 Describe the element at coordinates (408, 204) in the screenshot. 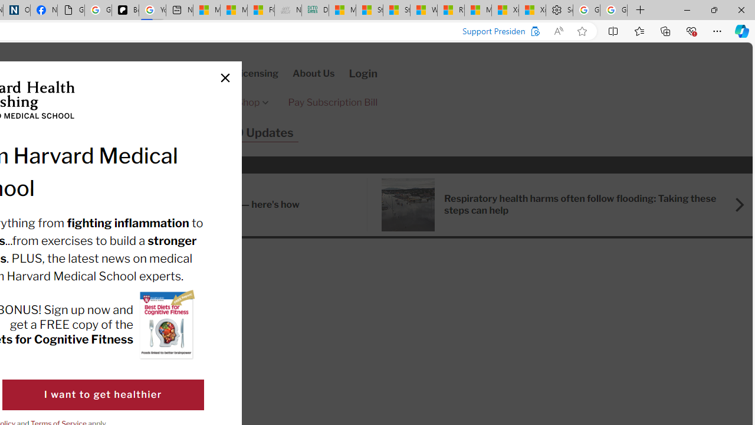

I see `'blog image 1'` at that location.